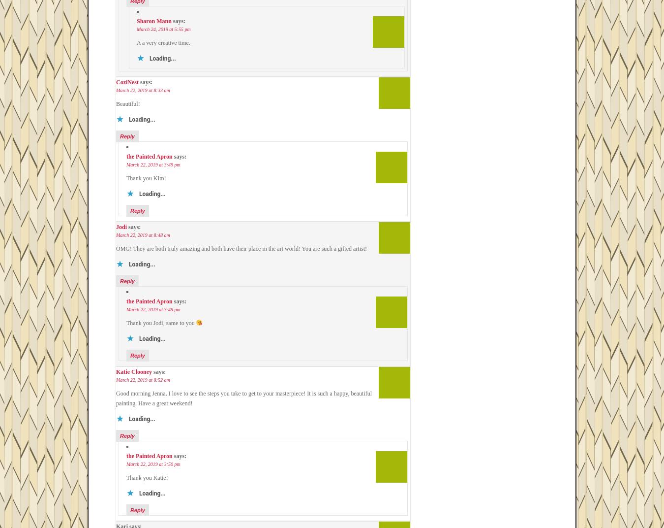 Image resolution: width=664 pixels, height=528 pixels. What do you see at coordinates (127, 103) in the screenshot?
I see `'Beautiful!'` at bounding box center [127, 103].